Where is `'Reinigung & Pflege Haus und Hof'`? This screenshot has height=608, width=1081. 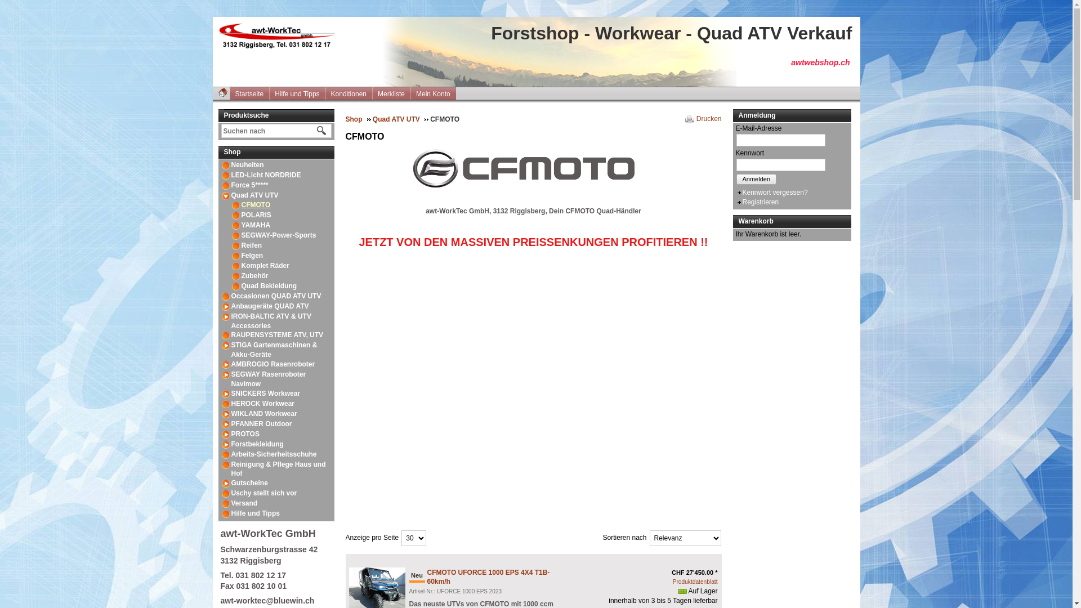
'Reinigung & Pflege Haus und Hof' is located at coordinates (278, 469).